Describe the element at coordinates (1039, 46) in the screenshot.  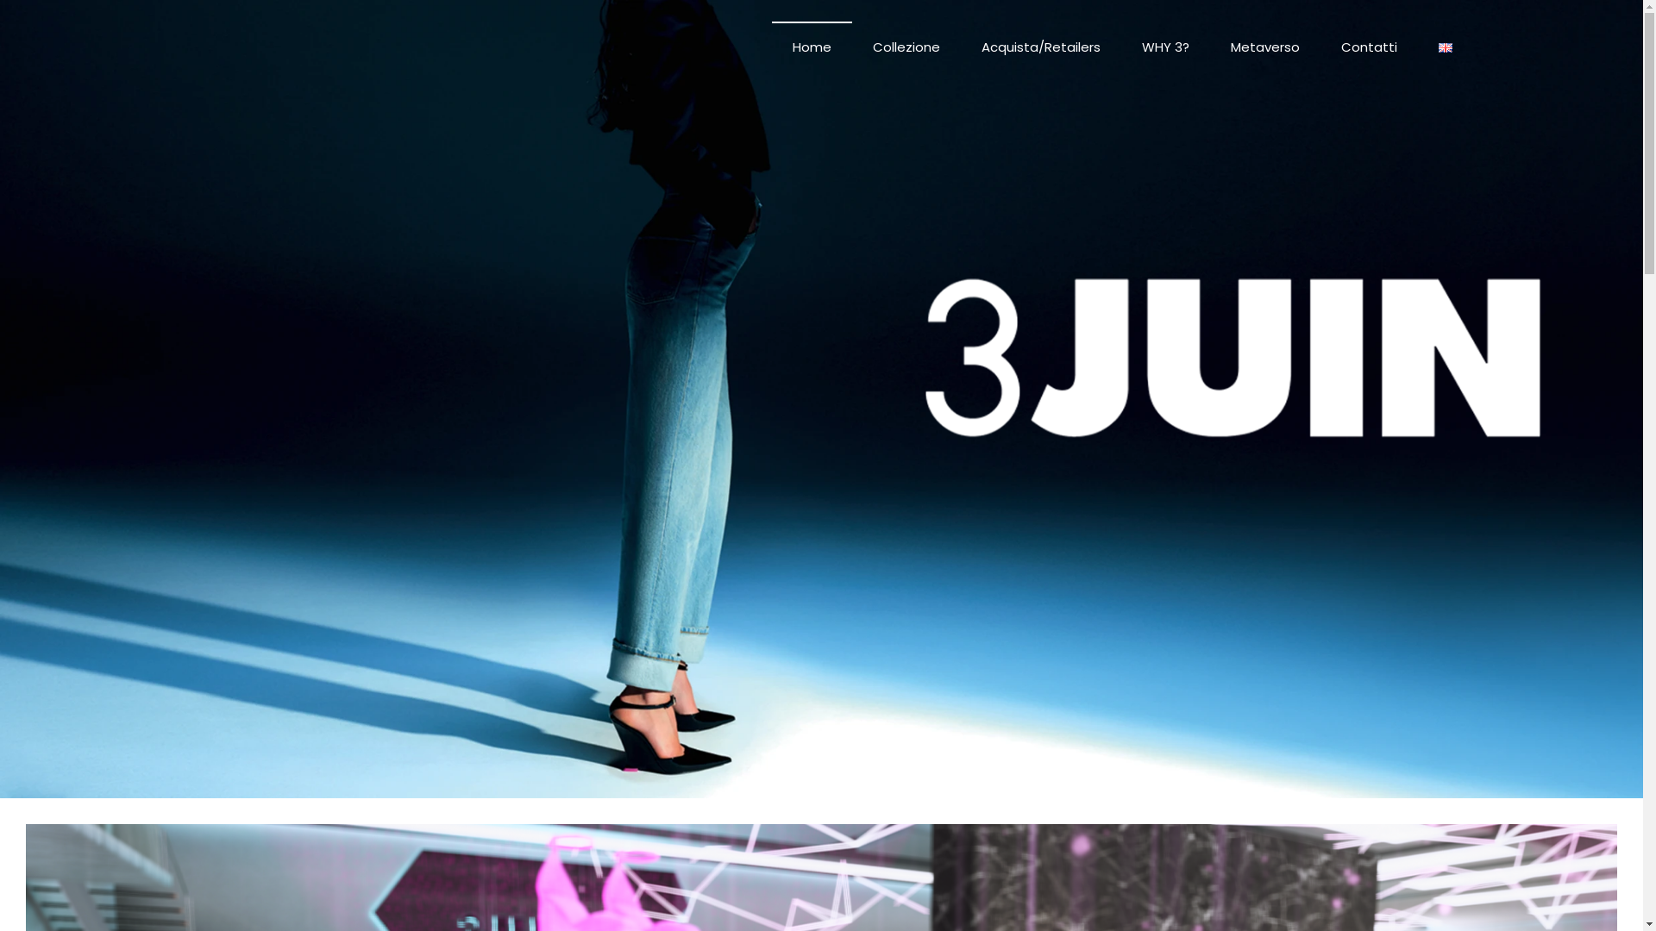
I see `'Acquista/Retailers'` at that location.